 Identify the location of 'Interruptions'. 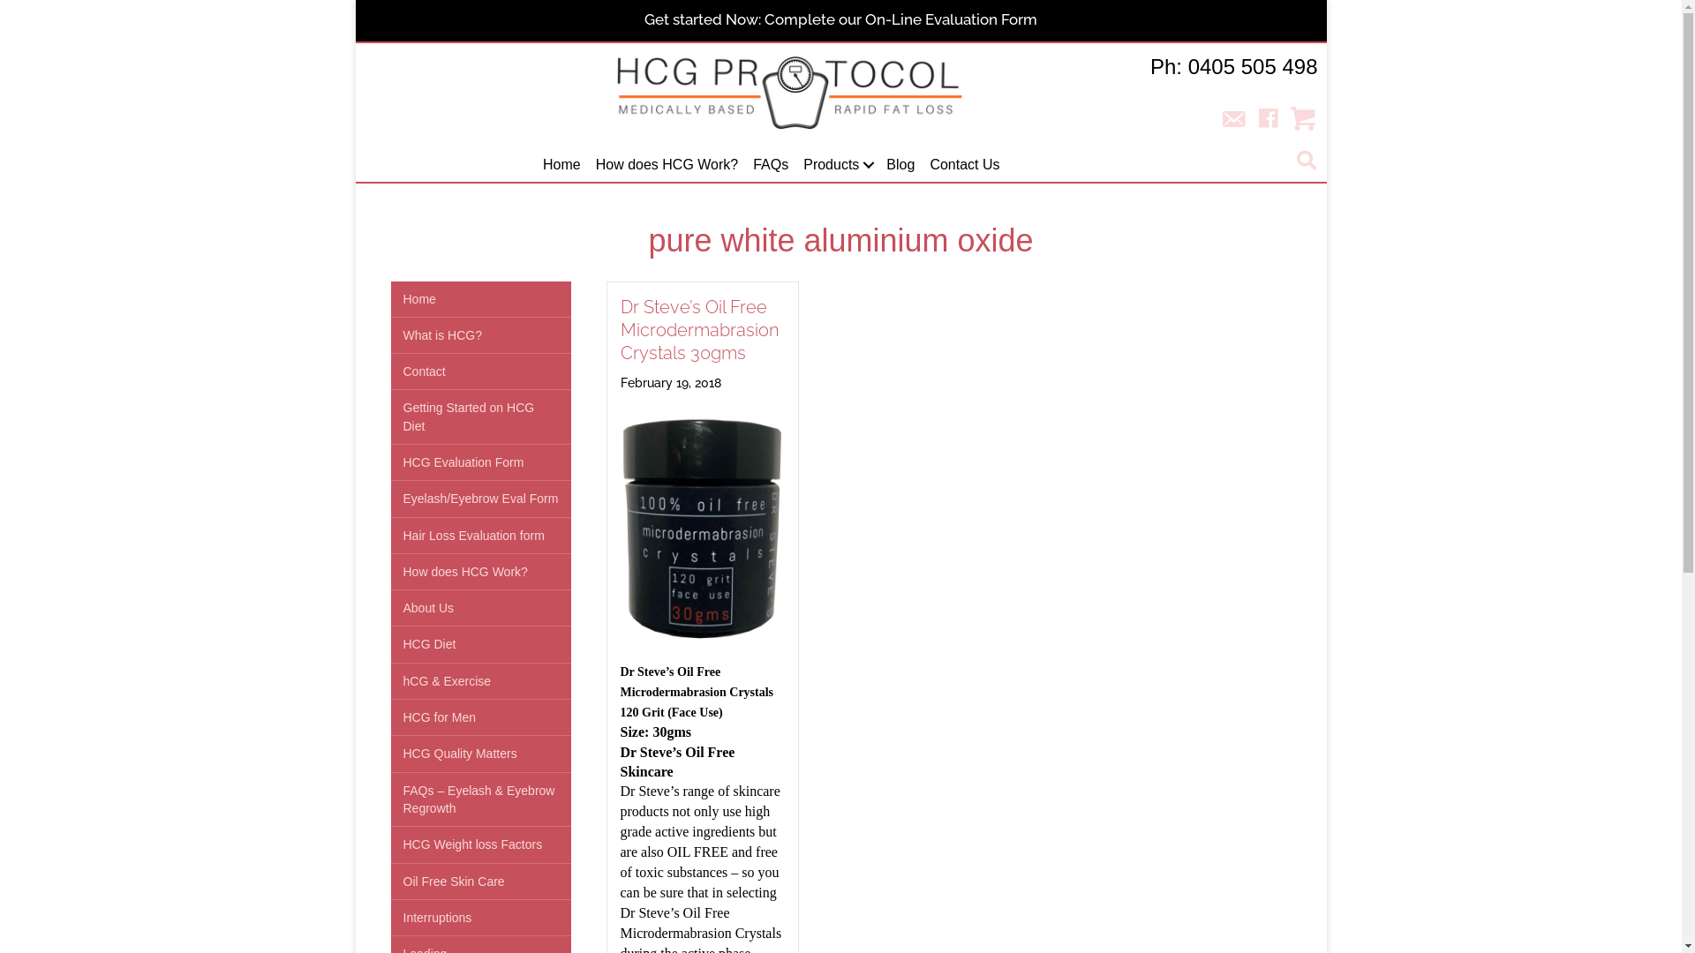
(479, 917).